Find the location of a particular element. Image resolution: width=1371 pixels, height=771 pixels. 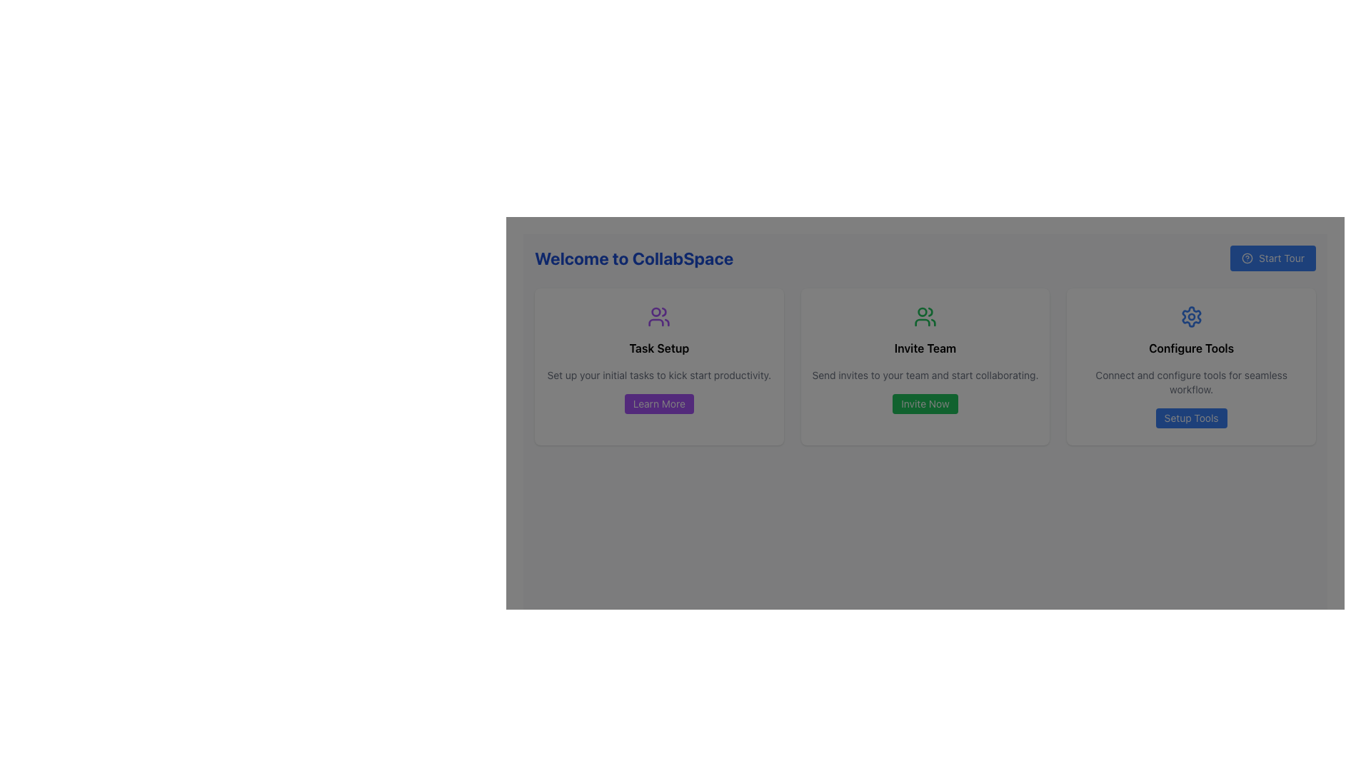

the green icon resembling two human figures positioned at the top of the 'Invite Team' card, located above the text 'Invite Team' is located at coordinates (925, 316).